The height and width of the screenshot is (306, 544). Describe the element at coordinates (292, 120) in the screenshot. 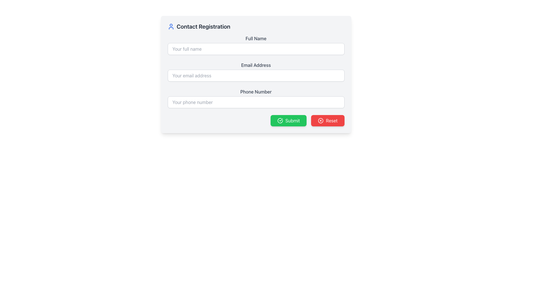

I see `text of the 'Submit' button, which is located in the lower-right corner of the form layout and is adjacent to the red 'Reset' button` at that location.